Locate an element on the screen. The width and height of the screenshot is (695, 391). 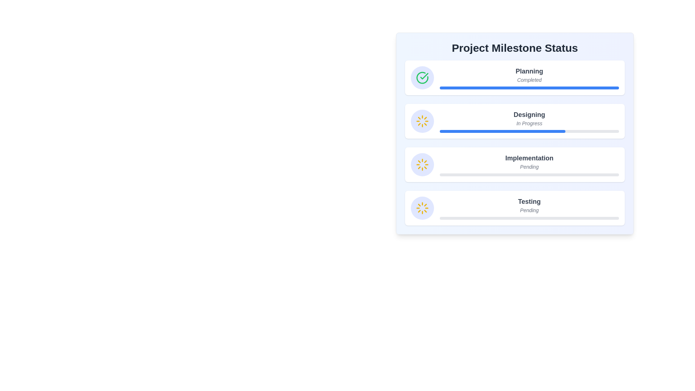
completion status of the 'Planning' phase represented by the green checkmark icon and blue progress bar in the first card of the progress tracker, located below the title 'Project Milestone Status' is located at coordinates (514, 78).